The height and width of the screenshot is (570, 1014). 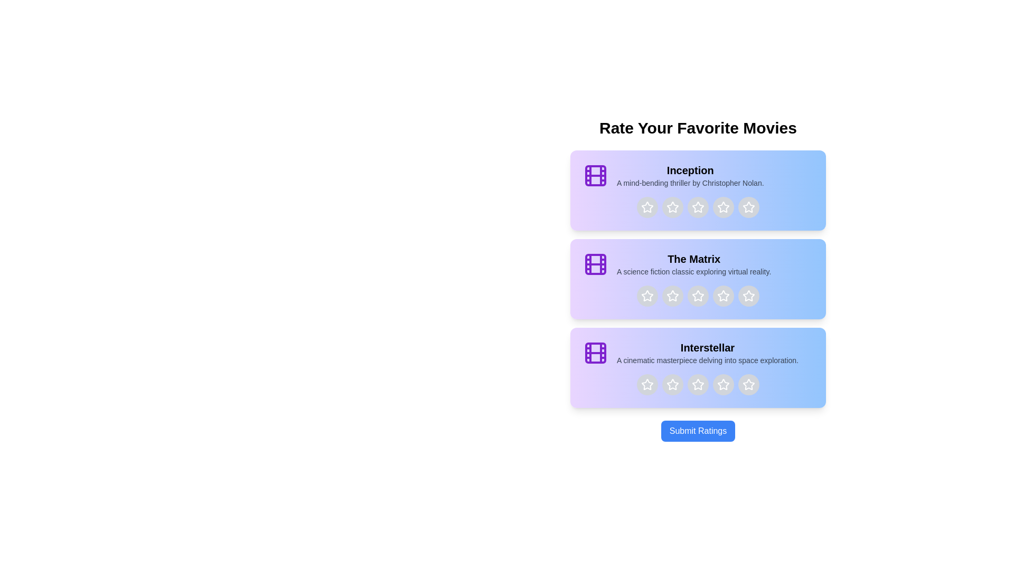 What do you see at coordinates (748, 385) in the screenshot?
I see `the star corresponding to 5 stars for the movie titled Interstellar` at bounding box center [748, 385].